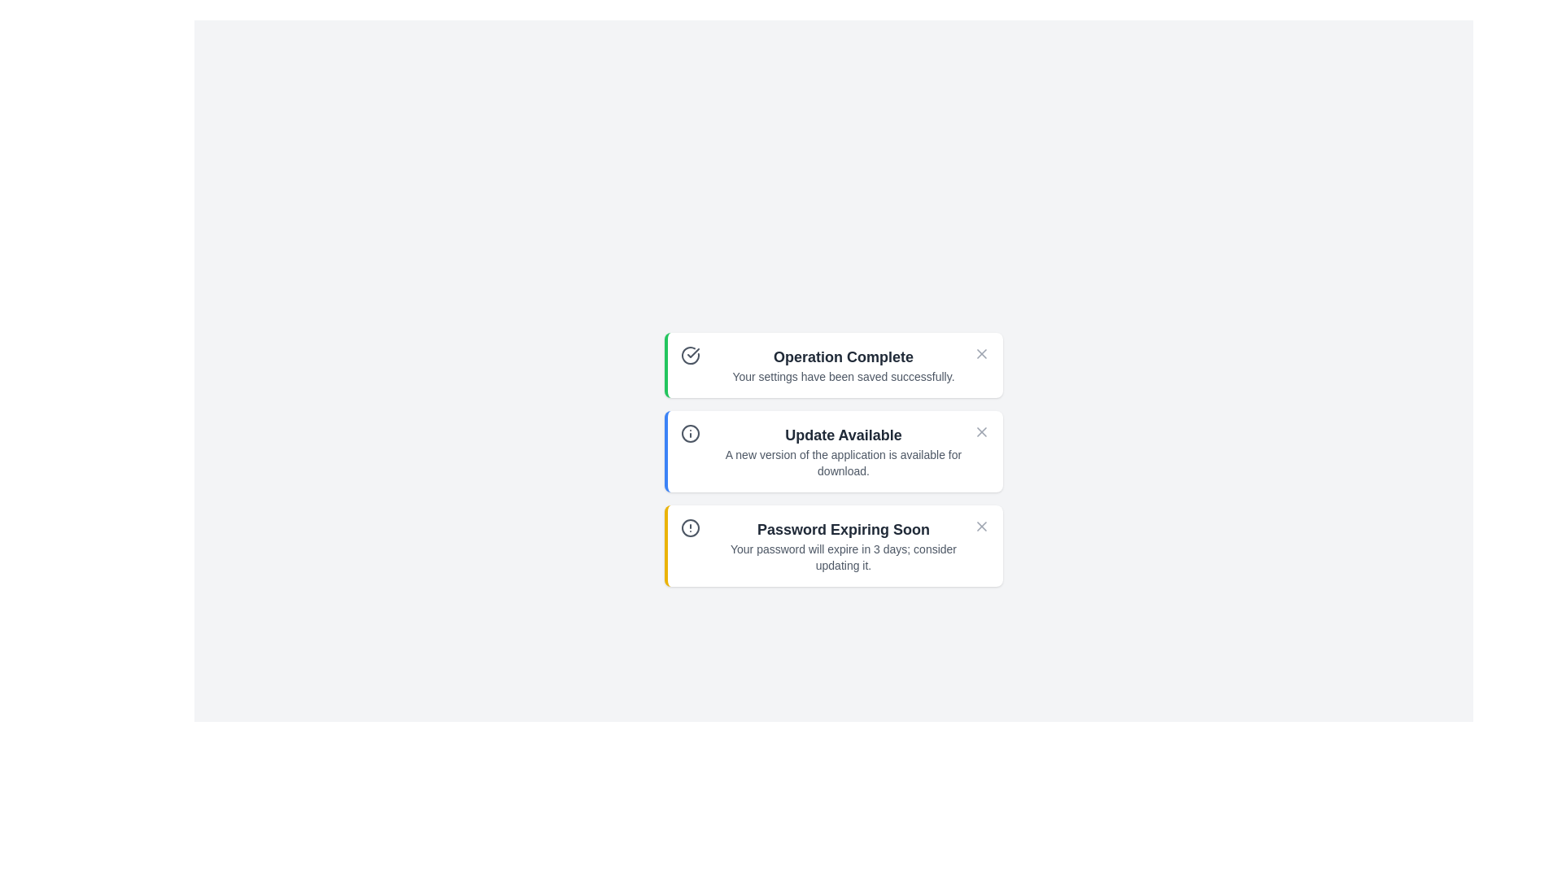  Describe the element at coordinates (691, 527) in the screenshot. I see `the warning icon that indicates the 'Password Expiring Soon' notification, which is the leftmost component in the lowest position among three notifications` at that location.